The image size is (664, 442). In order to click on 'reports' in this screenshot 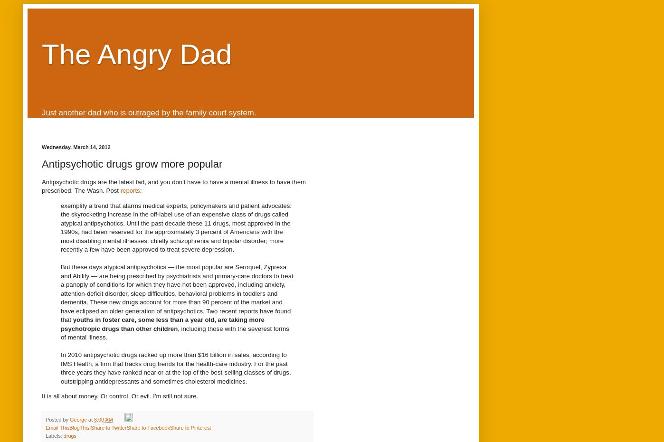, I will do `click(130, 190)`.